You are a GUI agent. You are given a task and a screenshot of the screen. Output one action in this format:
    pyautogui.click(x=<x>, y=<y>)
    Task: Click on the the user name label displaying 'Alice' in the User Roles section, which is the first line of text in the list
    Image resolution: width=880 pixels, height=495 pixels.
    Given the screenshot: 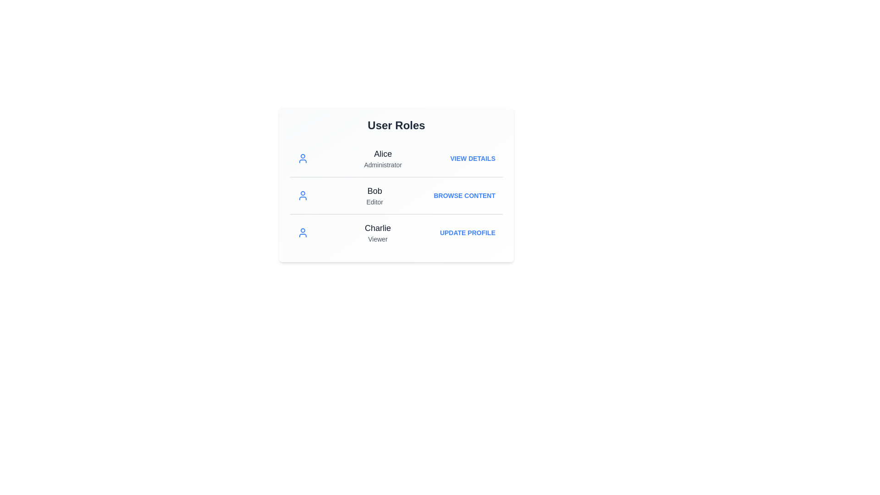 What is the action you would take?
    pyautogui.click(x=383, y=153)
    